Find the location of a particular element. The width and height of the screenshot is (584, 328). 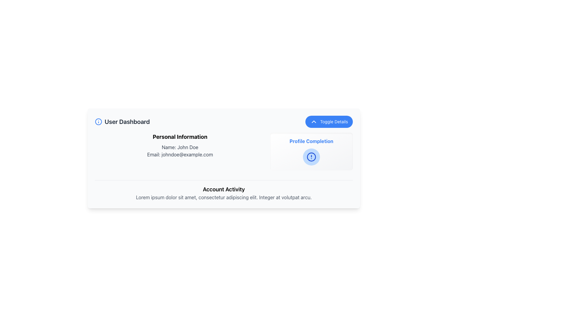

the 'Profile Completion' informational card located in the top-right section of the user details grid, which features a gradient background and displays a blue exclamation mark icon is located at coordinates (311, 151).